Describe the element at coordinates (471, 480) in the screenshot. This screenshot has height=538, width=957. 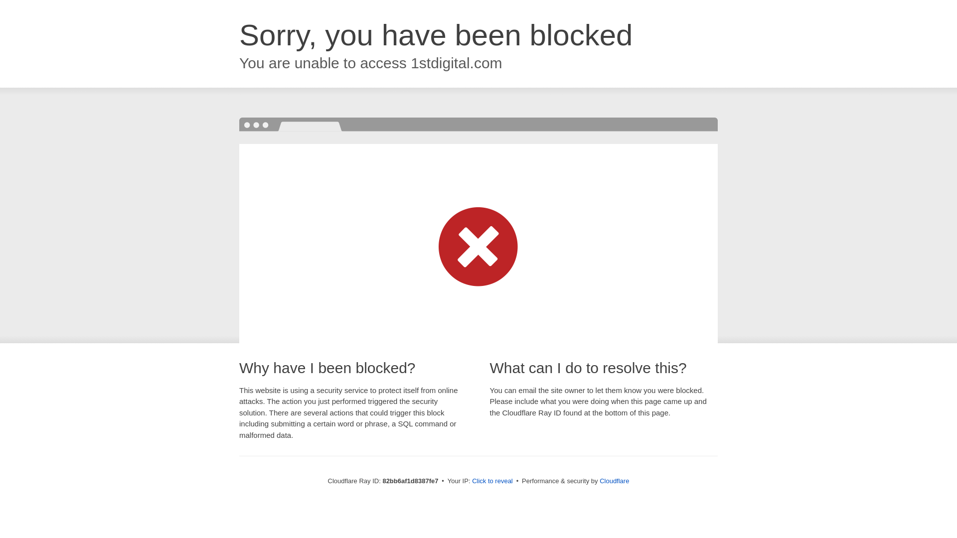
I see `'Click to reveal'` at that location.